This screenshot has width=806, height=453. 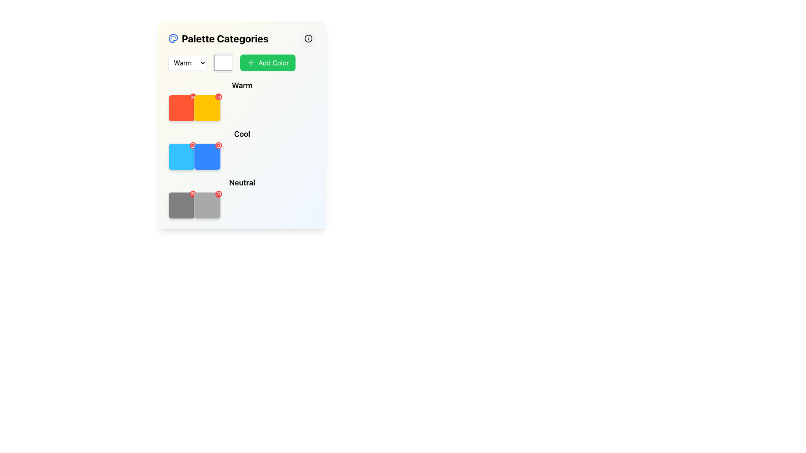 What do you see at coordinates (308, 39) in the screenshot?
I see `the informational button in the top-right corner of the 'Palette Categories' section` at bounding box center [308, 39].